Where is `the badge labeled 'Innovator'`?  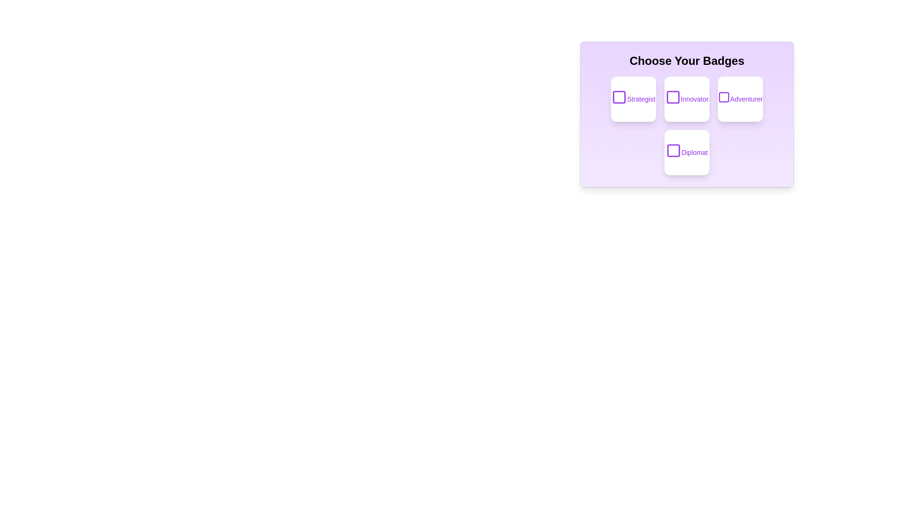
the badge labeled 'Innovator' is located at coordinates (687, 99).